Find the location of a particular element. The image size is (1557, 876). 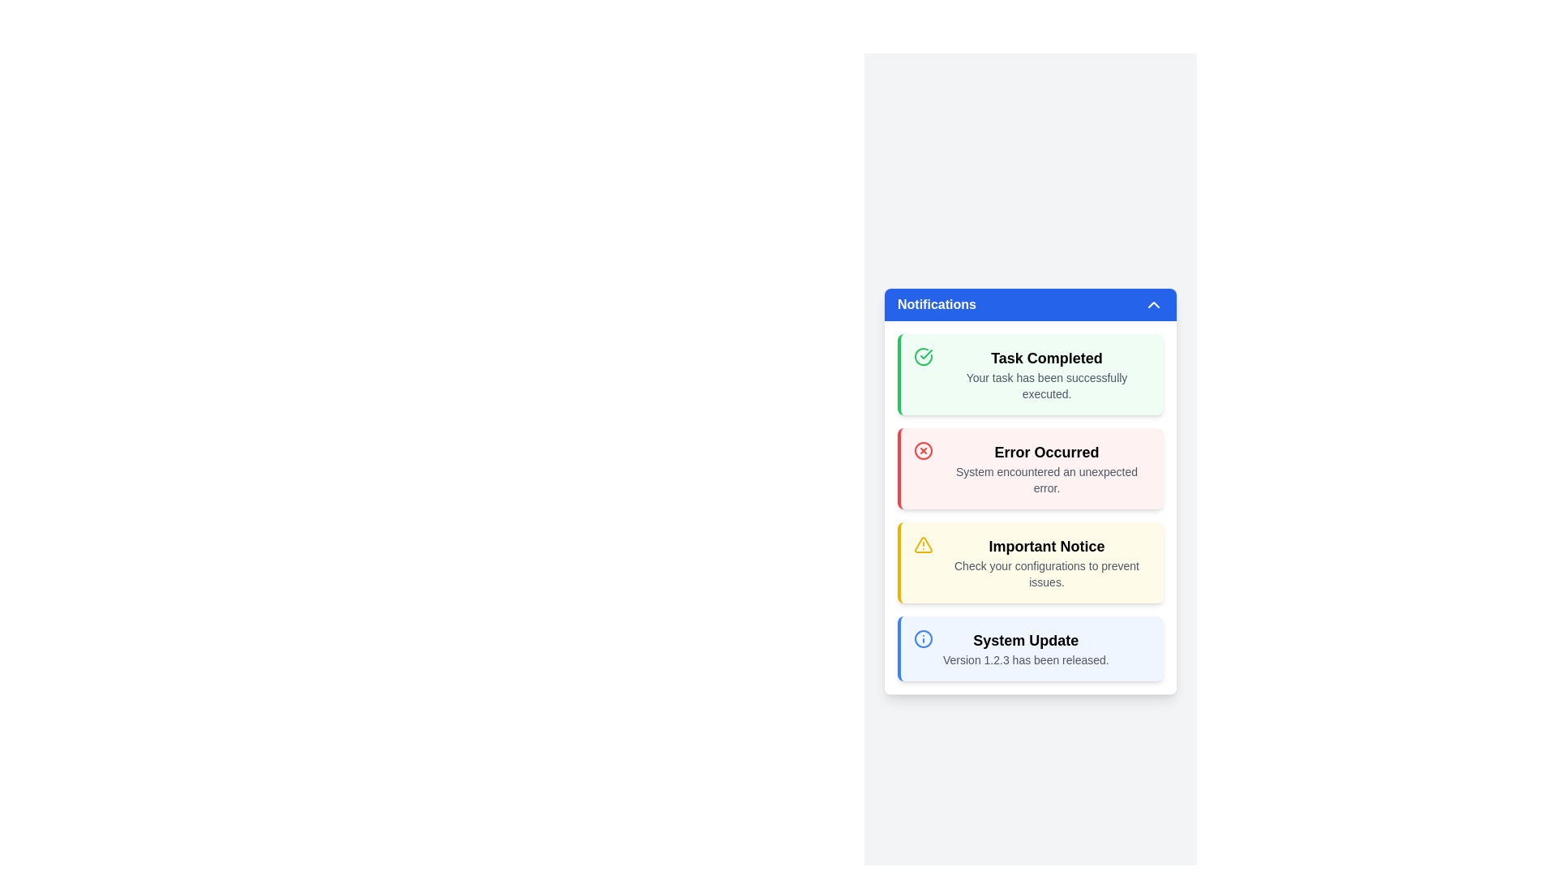

the central circular error notification icon within the 'Error Occurred' notification card is located at coordinates (923, 450).